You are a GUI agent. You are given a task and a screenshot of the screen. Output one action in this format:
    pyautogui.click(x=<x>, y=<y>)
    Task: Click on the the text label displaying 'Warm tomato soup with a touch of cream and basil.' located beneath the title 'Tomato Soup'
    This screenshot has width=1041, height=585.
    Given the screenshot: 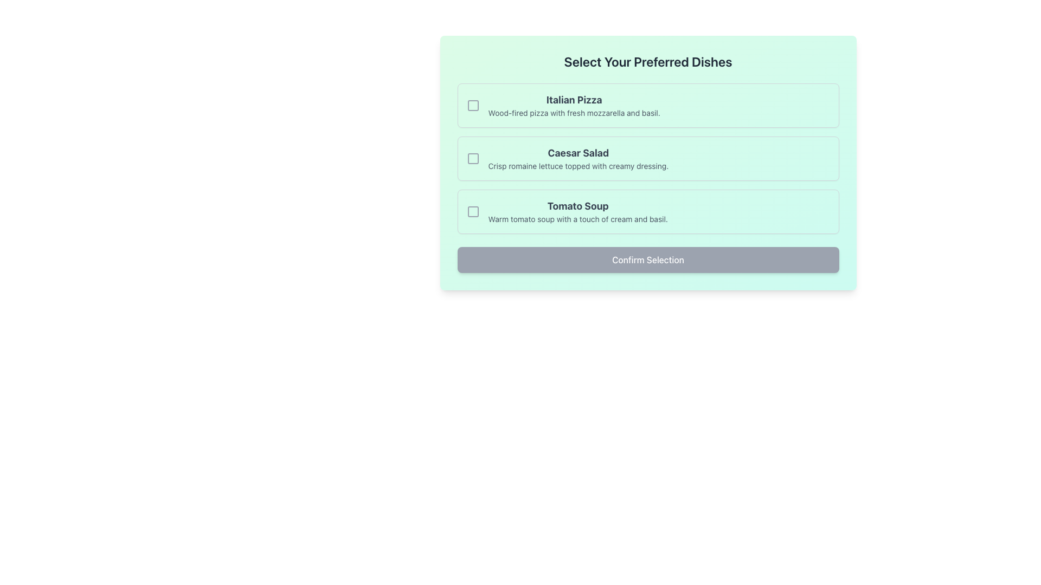 What is the action you would take?
    pyautogui.click(x=577, y=219)
    